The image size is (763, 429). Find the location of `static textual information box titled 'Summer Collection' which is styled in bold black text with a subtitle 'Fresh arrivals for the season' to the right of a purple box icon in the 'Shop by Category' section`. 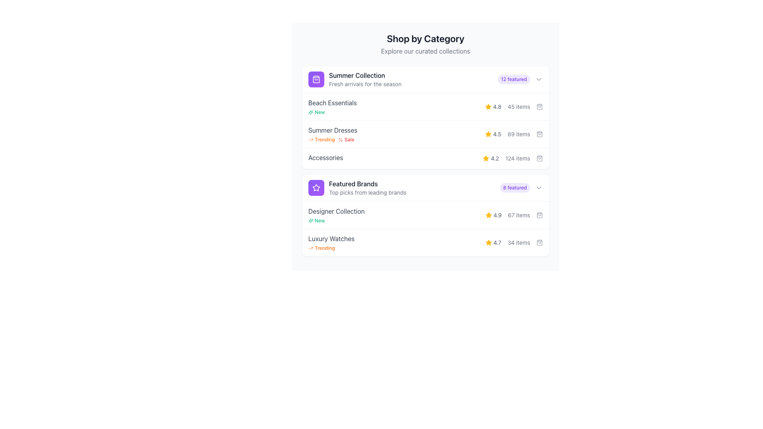

static textual information box titled 'Summer Collection' which is styled in bold black text with a subtitle 'Fresh arrivals for the season' to the right of a purple box icon in the 'Shop by Category' section is located at coordinates (354, 79).